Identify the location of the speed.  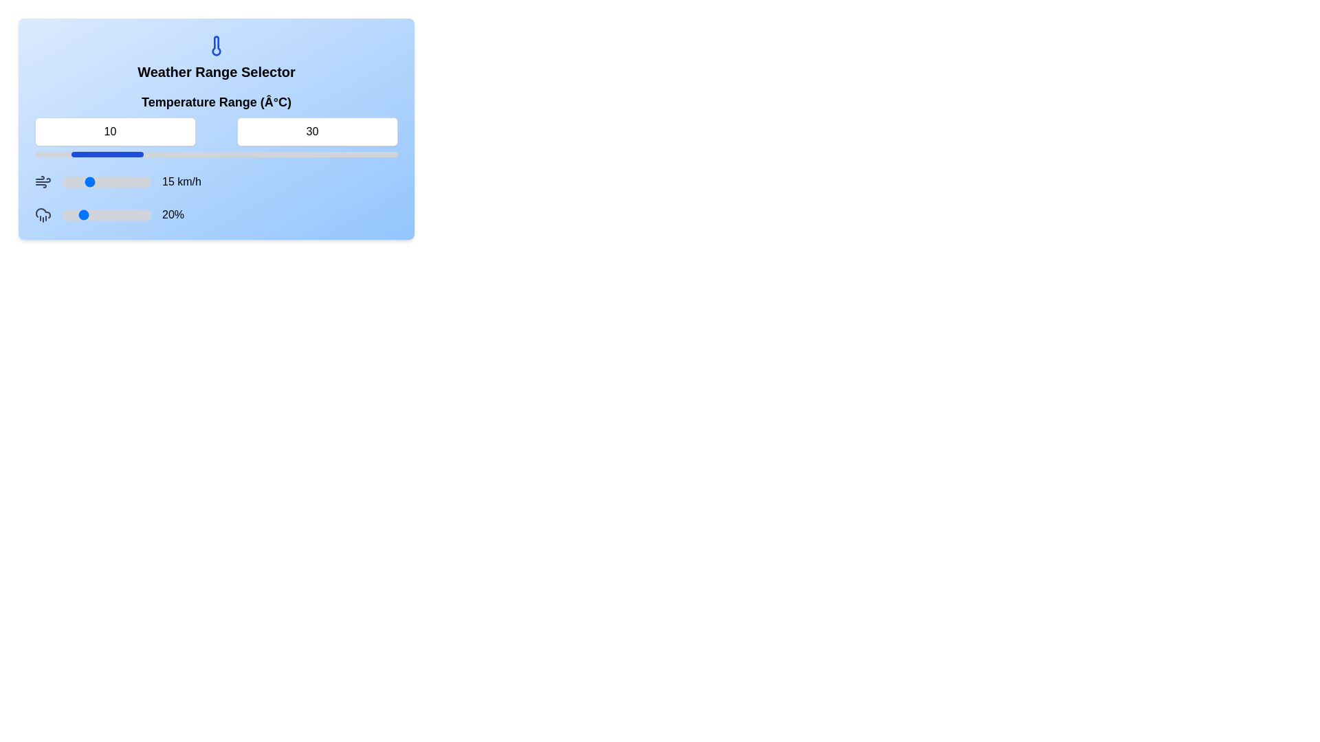
(78, 181).